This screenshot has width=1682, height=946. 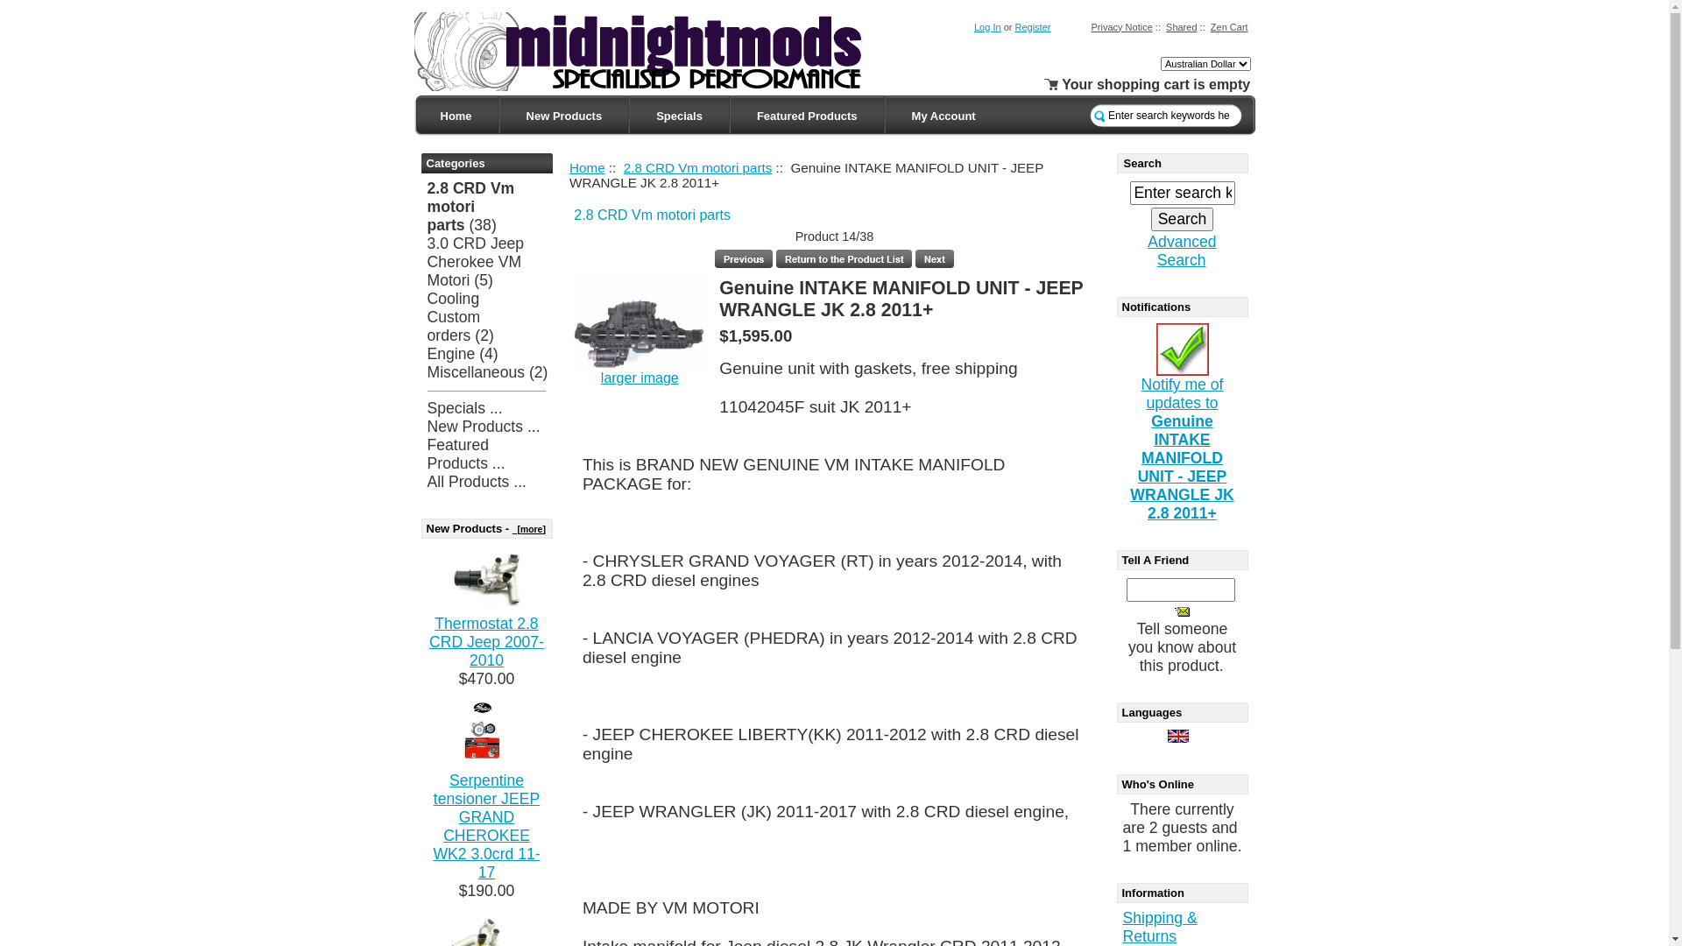 What do you see at coordinates (1177, 736) in the screenshot?
I see `' English '` at bounding box center [1177, 736].